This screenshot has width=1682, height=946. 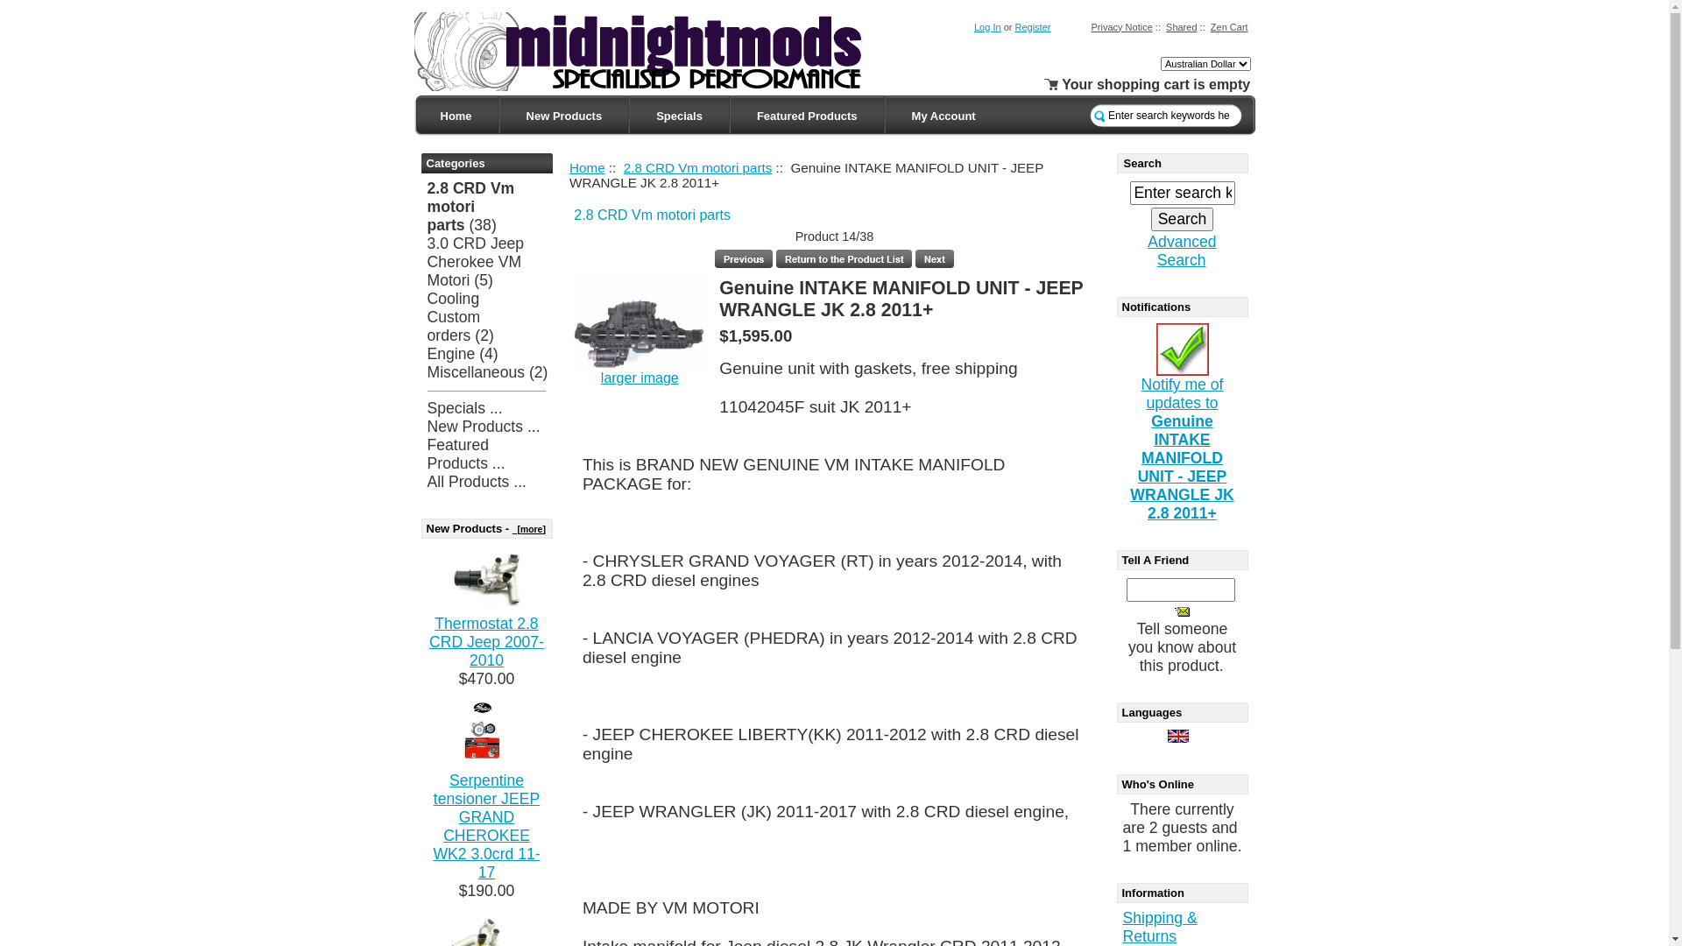 What do you see at coordinates (1177, 736) in the screenshot?
I see `' English '` at bounding box center [1177, 736].